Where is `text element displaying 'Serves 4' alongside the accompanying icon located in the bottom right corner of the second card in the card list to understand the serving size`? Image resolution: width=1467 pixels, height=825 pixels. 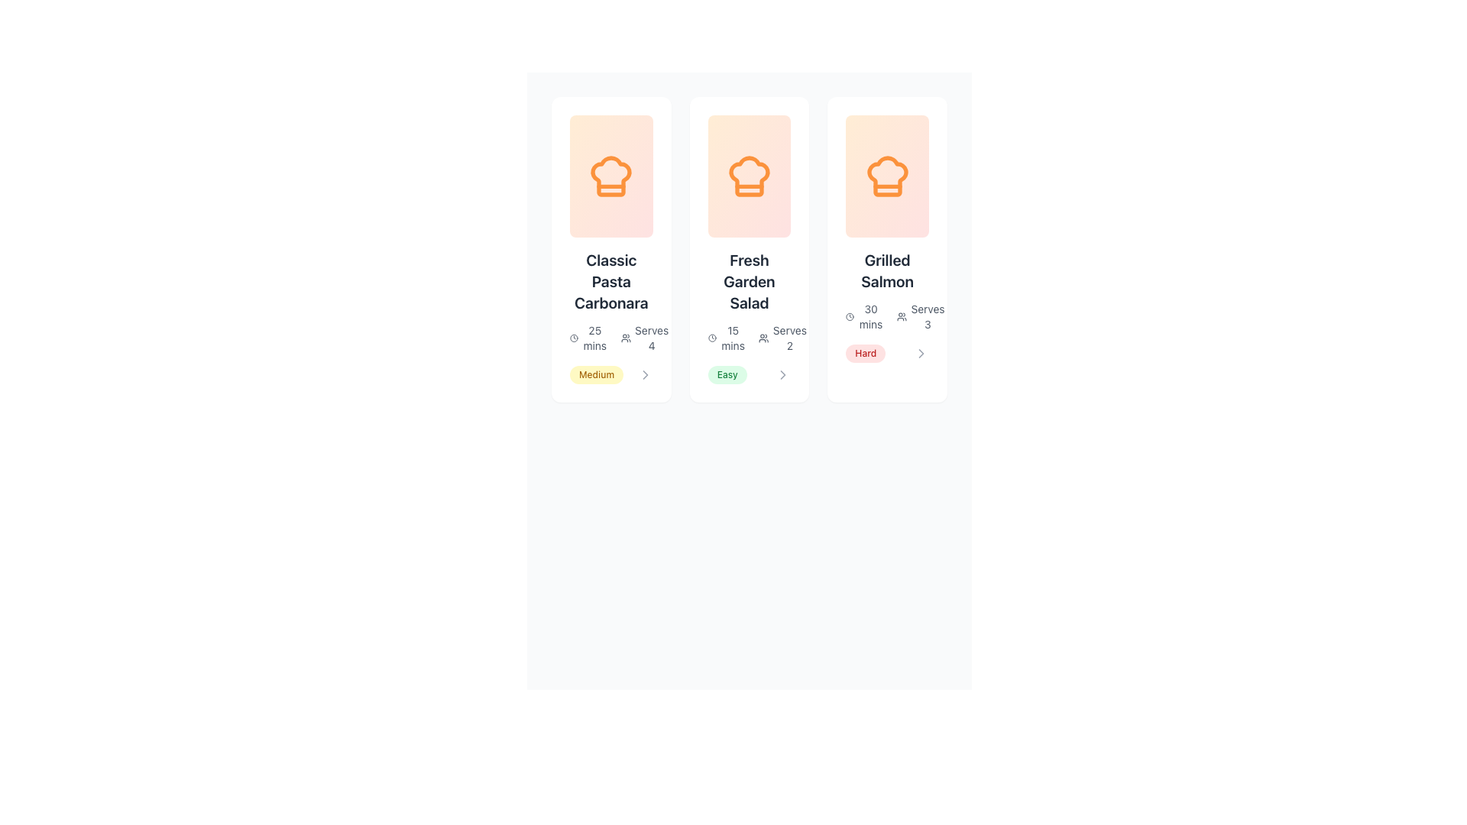 text element displaying 'Serves 4' alongside the accompanying icon located in the bottom right corner of the second card in the card list to understand the serving size is located at coordinates (645, 338).